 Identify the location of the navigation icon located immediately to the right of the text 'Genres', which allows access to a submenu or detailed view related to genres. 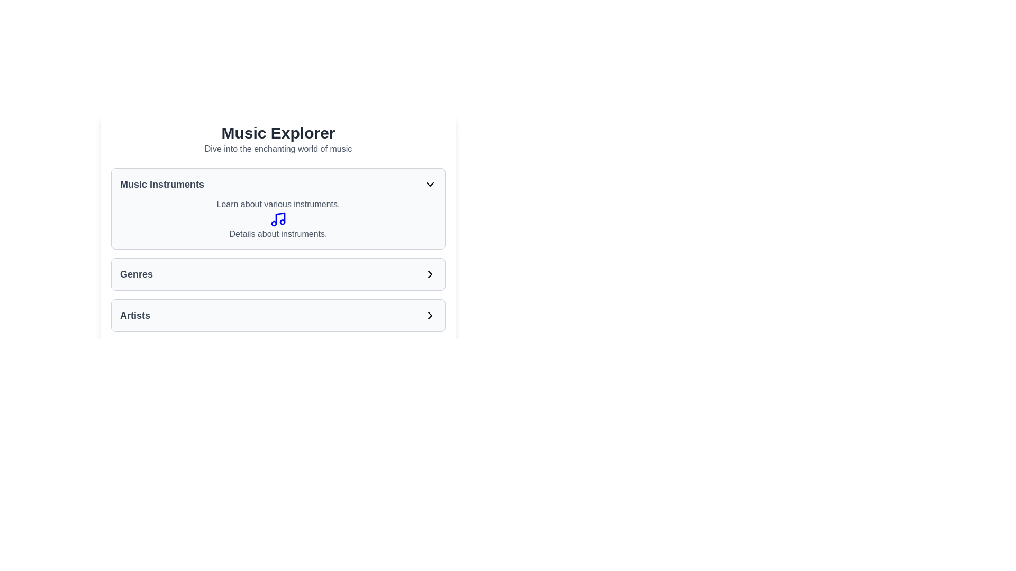
(430, 274).